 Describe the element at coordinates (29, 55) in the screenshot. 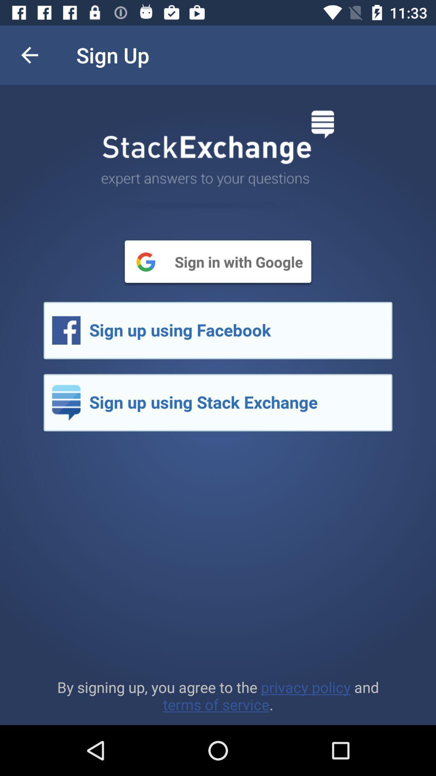

I see `the item to the left of the sign up` at that location.